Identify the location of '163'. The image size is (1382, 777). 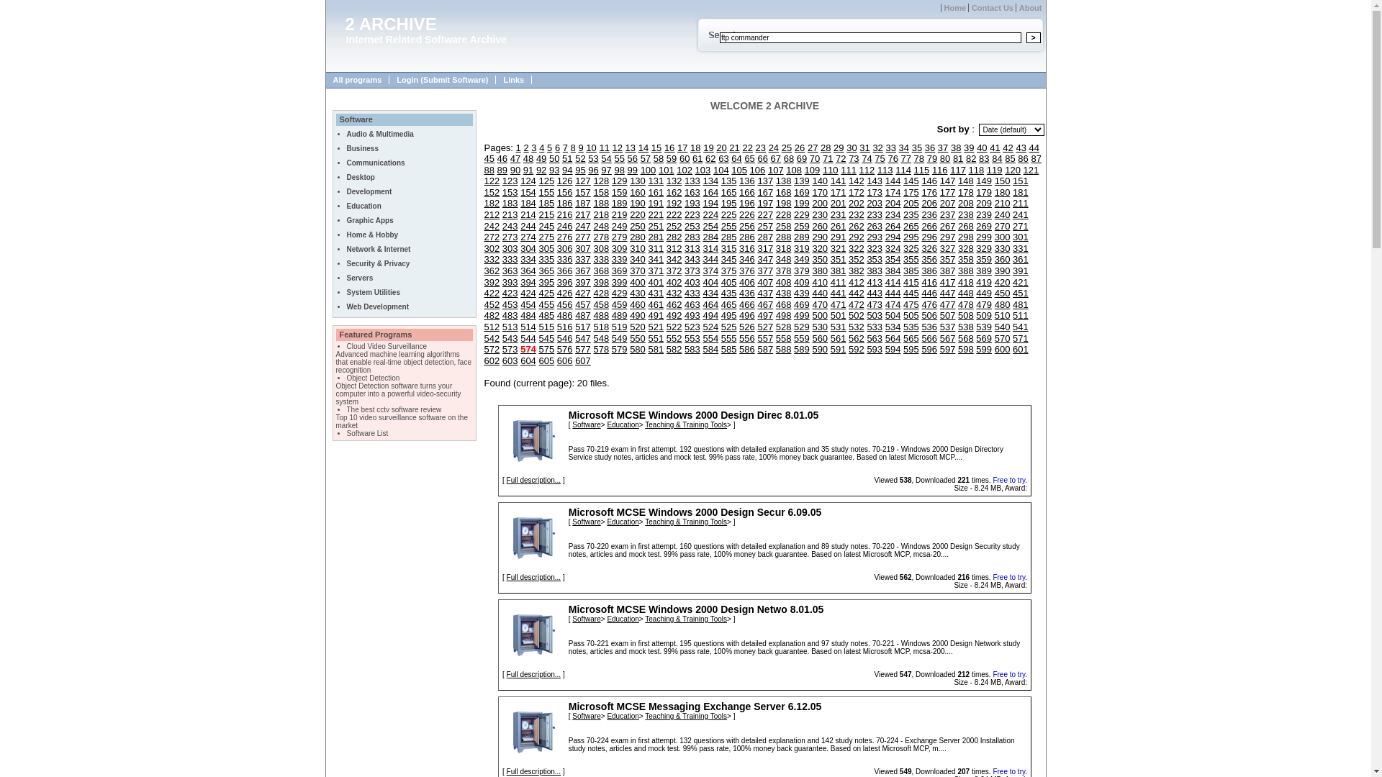
(692, 191).